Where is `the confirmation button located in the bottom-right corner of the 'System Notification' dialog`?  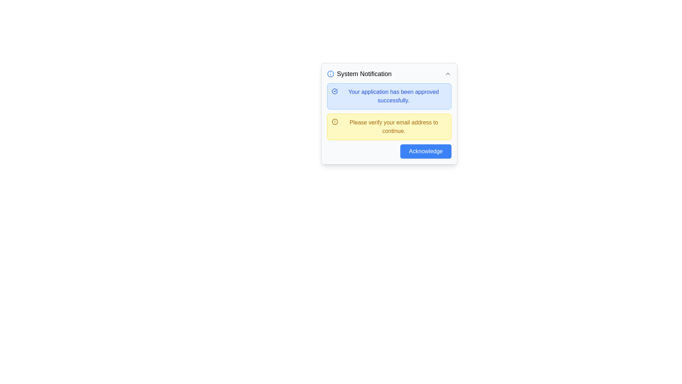 the confirmation button located in the bottom-right corner of the 'System Notification' dialog is located at coordinates (426, 151).